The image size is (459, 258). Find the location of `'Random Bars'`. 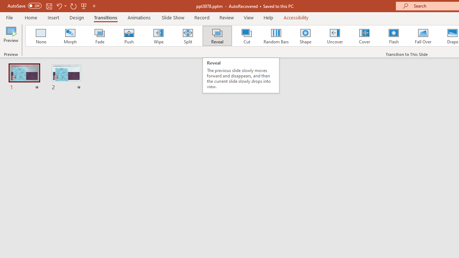

'Random Bars' is located at coordinates (276, 36).